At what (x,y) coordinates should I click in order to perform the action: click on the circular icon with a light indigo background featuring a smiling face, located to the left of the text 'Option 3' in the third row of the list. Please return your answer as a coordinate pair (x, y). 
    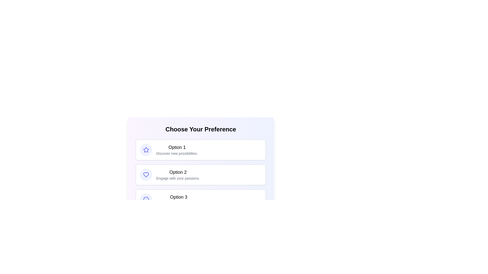
    Looking at the image, I should click on (146, 199).